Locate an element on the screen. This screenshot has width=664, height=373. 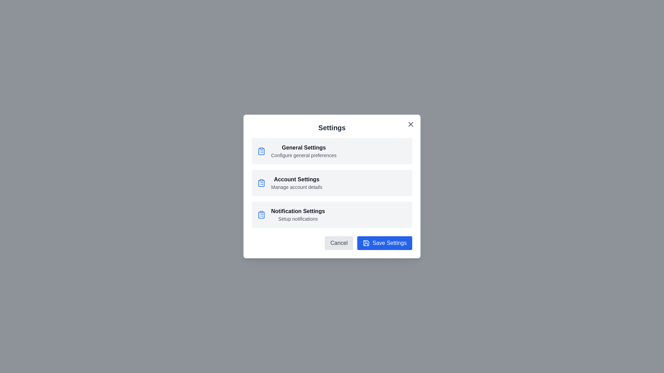
text content of the bold text label displaying 'Account Settings' in dark gray, which is located in the settings interface as the top text of the second row is located at coordinates (296, 179).